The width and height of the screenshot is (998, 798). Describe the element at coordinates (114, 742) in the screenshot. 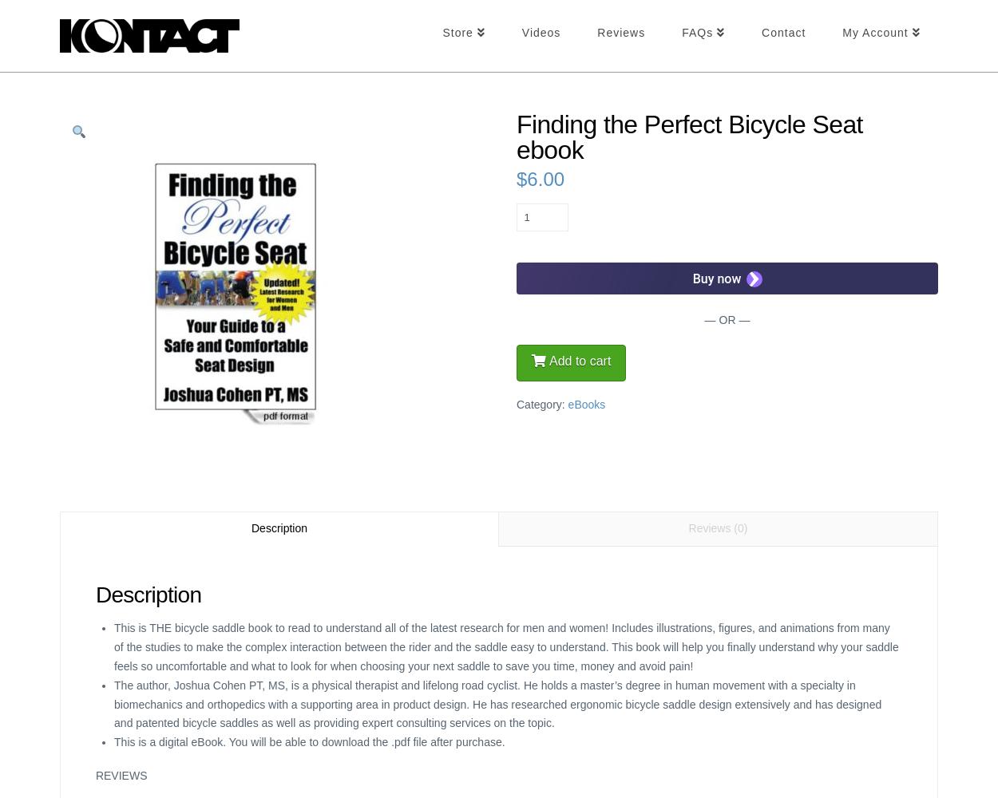

I see `'This is a digital eBook. You will be able to download the .pdf file after purchase.'` at that location.